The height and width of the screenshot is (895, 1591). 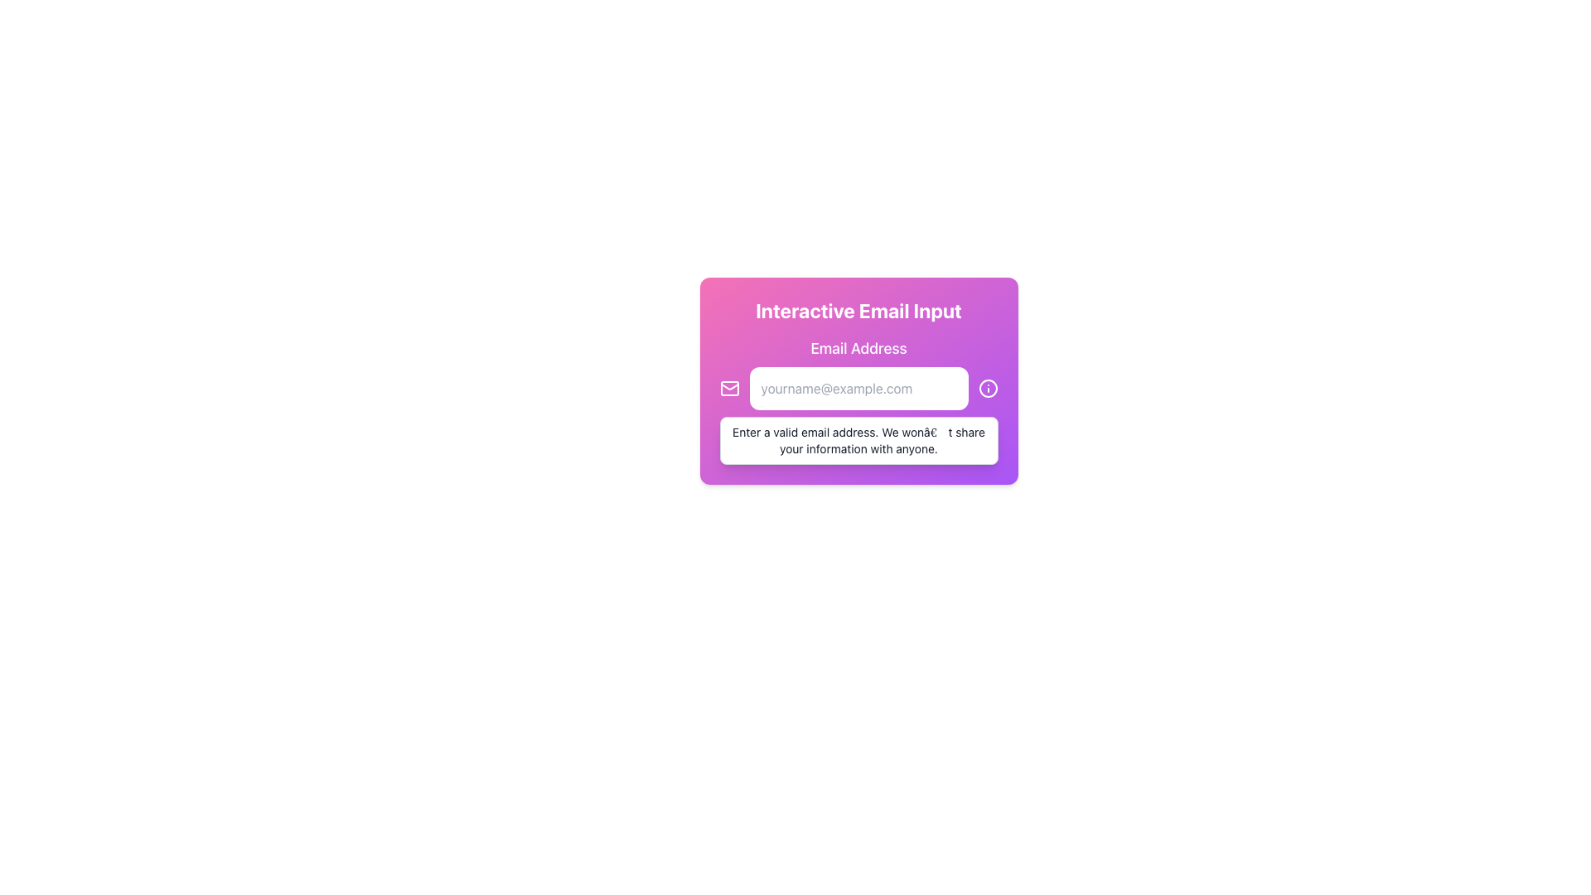 I want to click on the information button located to the immediate right of the email input field, so click(x=988, y=389).